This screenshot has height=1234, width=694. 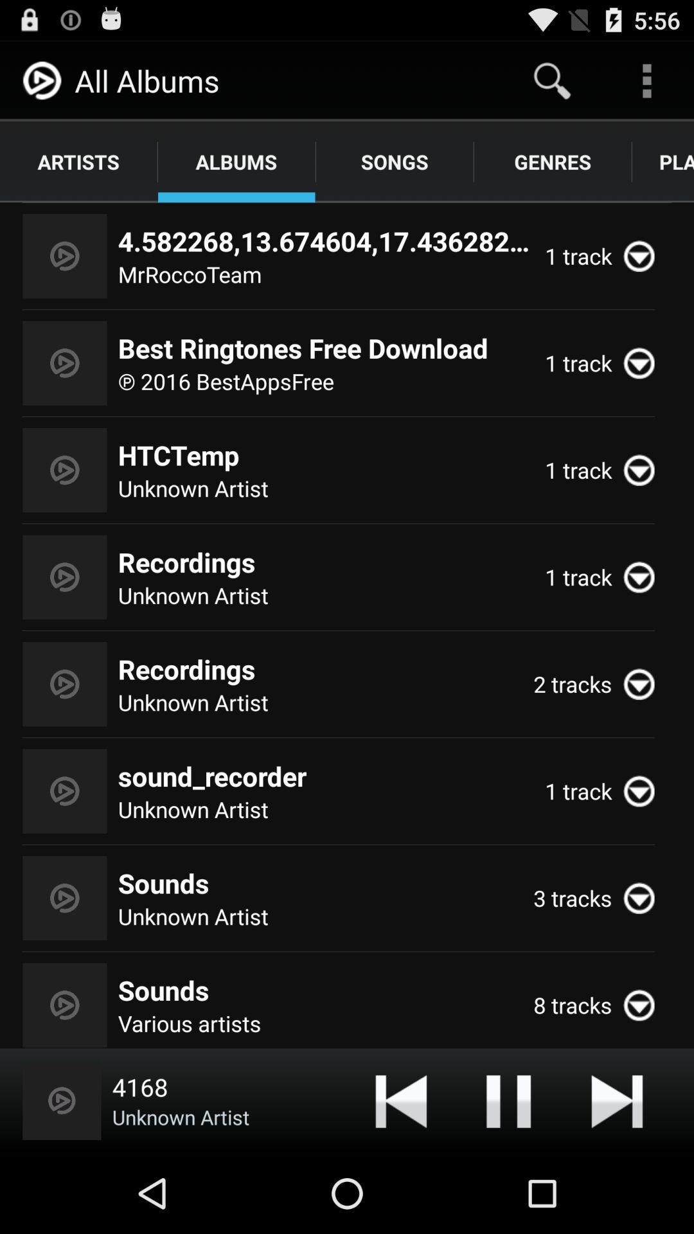 I want to click on the expand_more icon, so click(x=645, y=618).